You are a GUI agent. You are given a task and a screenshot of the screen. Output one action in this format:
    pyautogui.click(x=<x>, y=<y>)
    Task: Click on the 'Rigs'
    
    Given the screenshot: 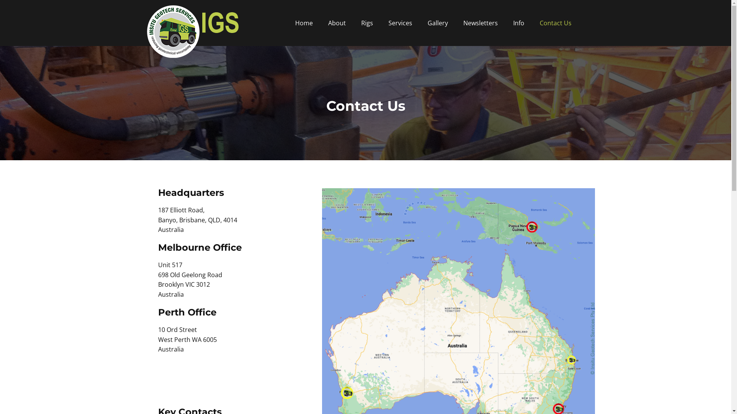 What is the action you would take?
    pyautogui.click(x=366, y=23)
    